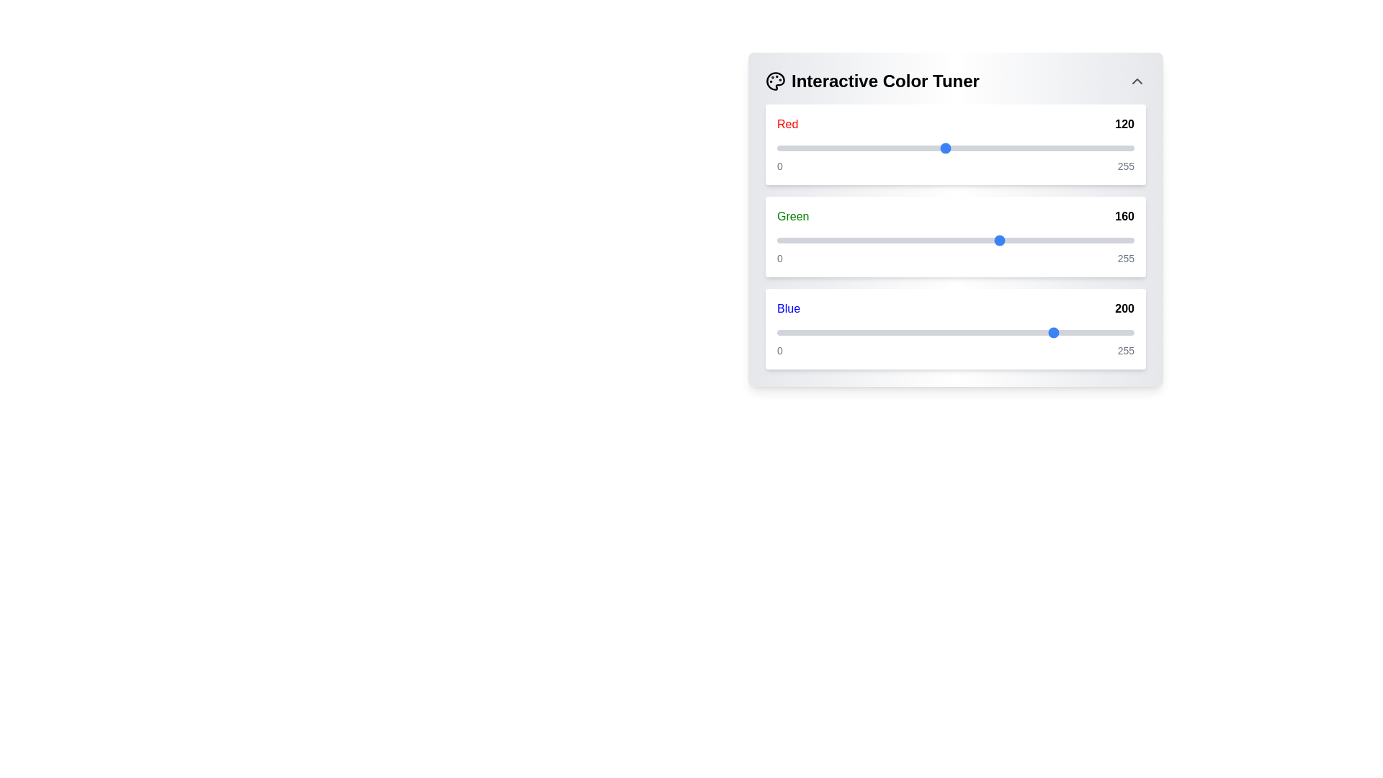  I want to click on the Blue color value, so click(1058, 333).